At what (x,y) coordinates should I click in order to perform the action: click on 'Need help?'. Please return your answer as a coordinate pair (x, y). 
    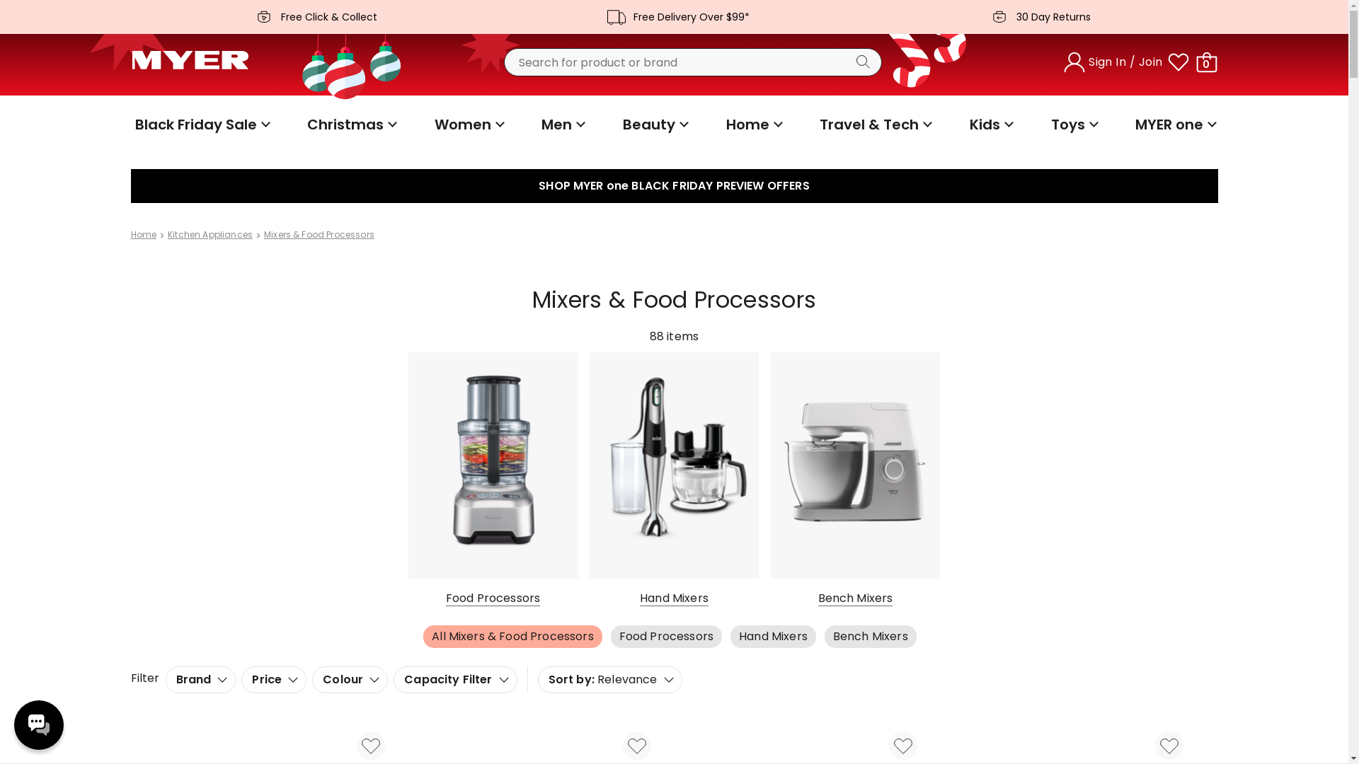
    Looking at the image, I should click on (38, 725).